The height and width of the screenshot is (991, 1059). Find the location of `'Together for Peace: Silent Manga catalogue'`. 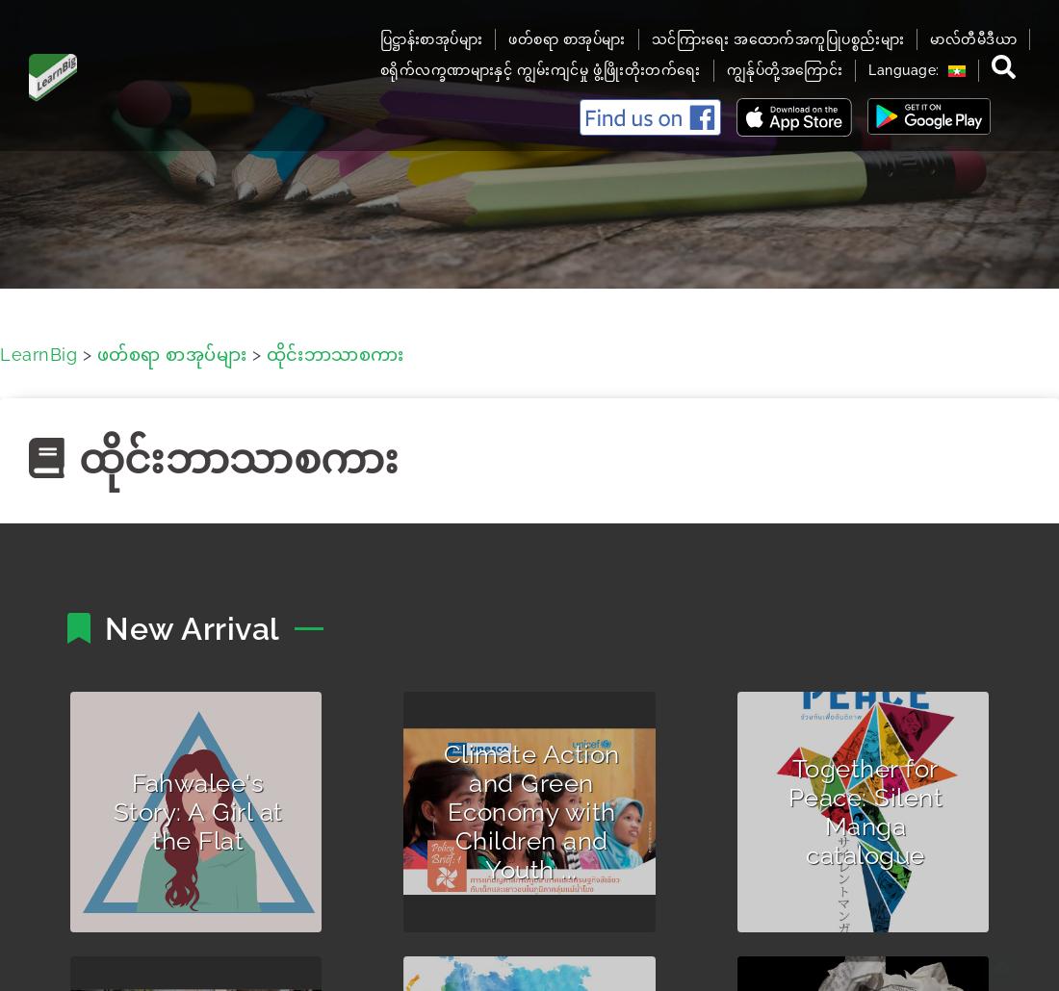

'Together for Peace: Silent Manga catalogue' is located at coordinates (865, 809).